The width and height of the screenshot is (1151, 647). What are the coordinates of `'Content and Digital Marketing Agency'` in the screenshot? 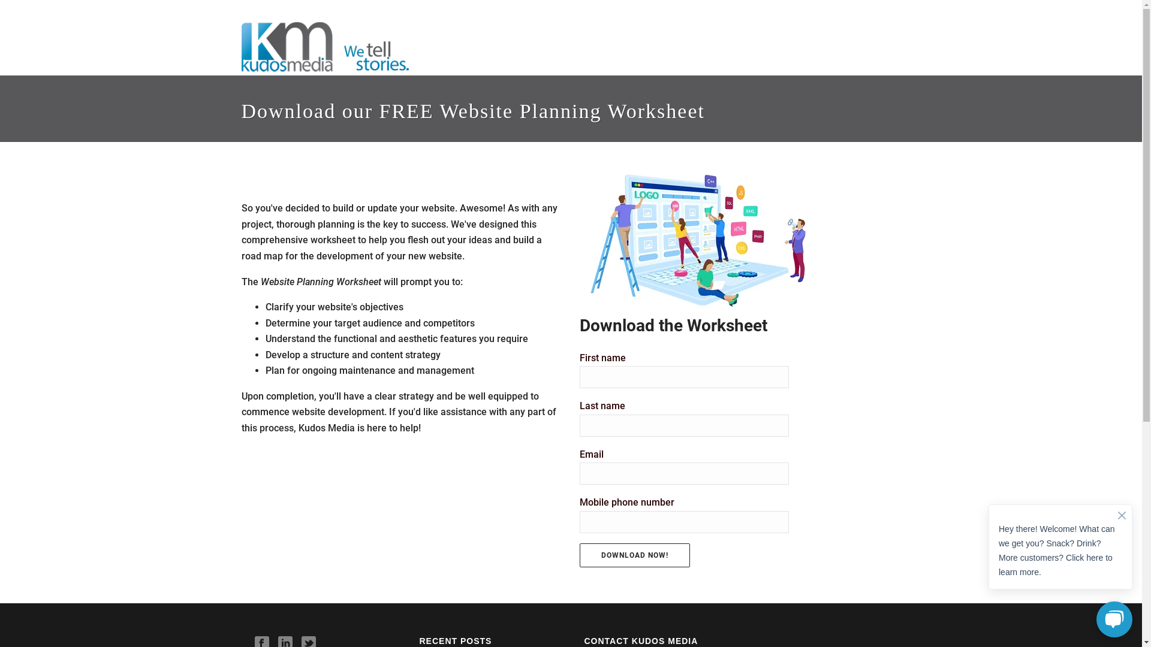 It's located at (333, 47).